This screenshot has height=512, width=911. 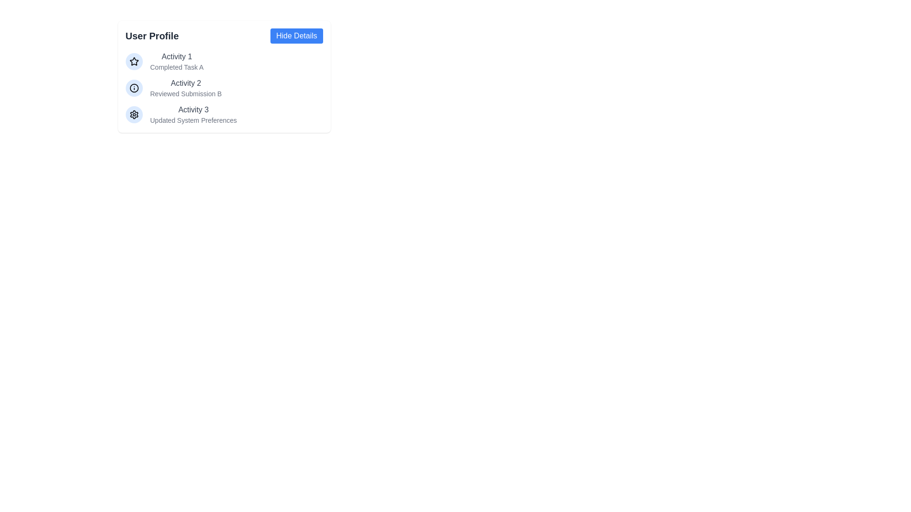 I want to click on the cog icon representing settings, so click(x=133, y=114).